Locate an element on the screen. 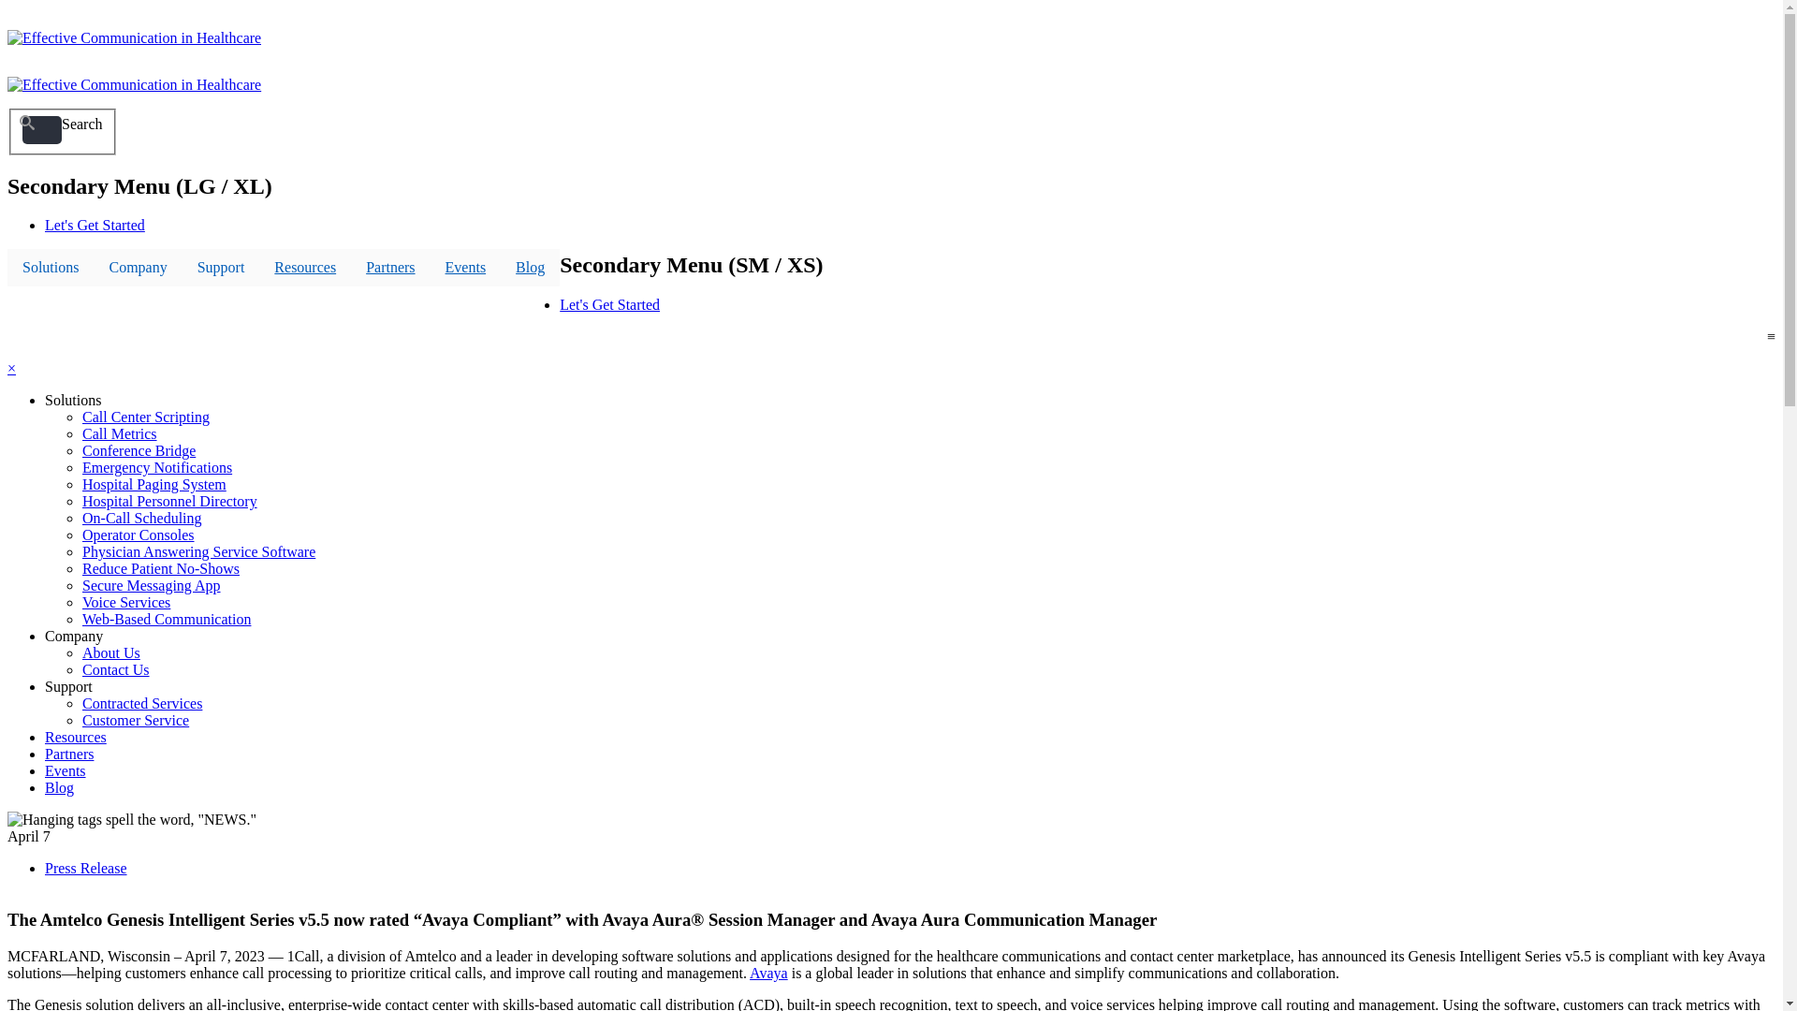  'Call Center Scripting' is located at coordinates (145, 416).